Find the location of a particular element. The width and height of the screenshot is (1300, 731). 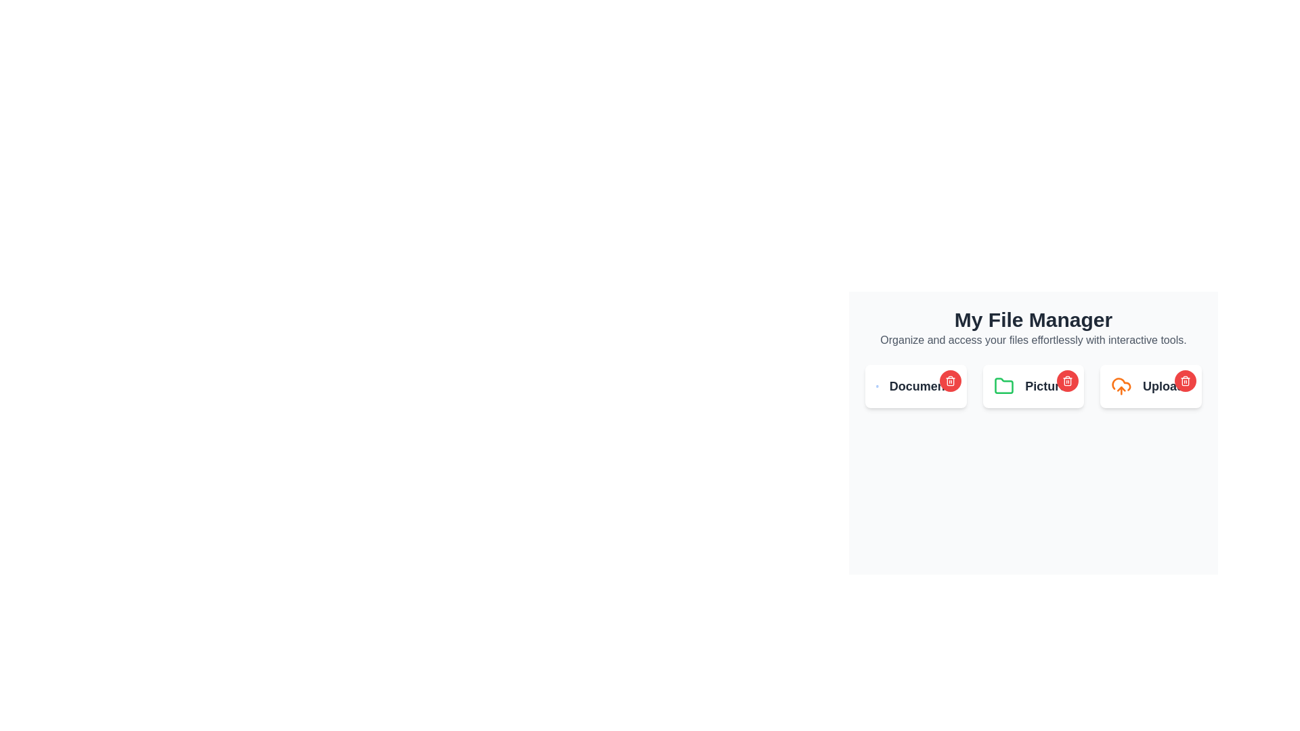

the orange-colored cloud icon with an upload arrow, located next to the 'Uploads' text in the third column of the interface, to initiate an upload action is located at coordinates (1121, 386).